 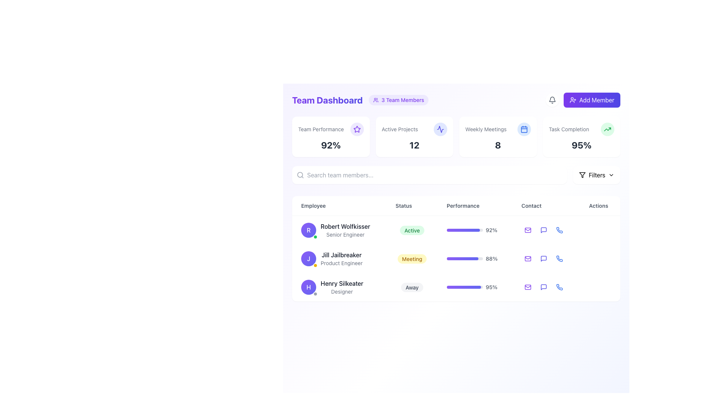 I want to click on the button in the 'Actions' column for the row corresponding to 'Henry Silkeater', so click(x=600, y=229).